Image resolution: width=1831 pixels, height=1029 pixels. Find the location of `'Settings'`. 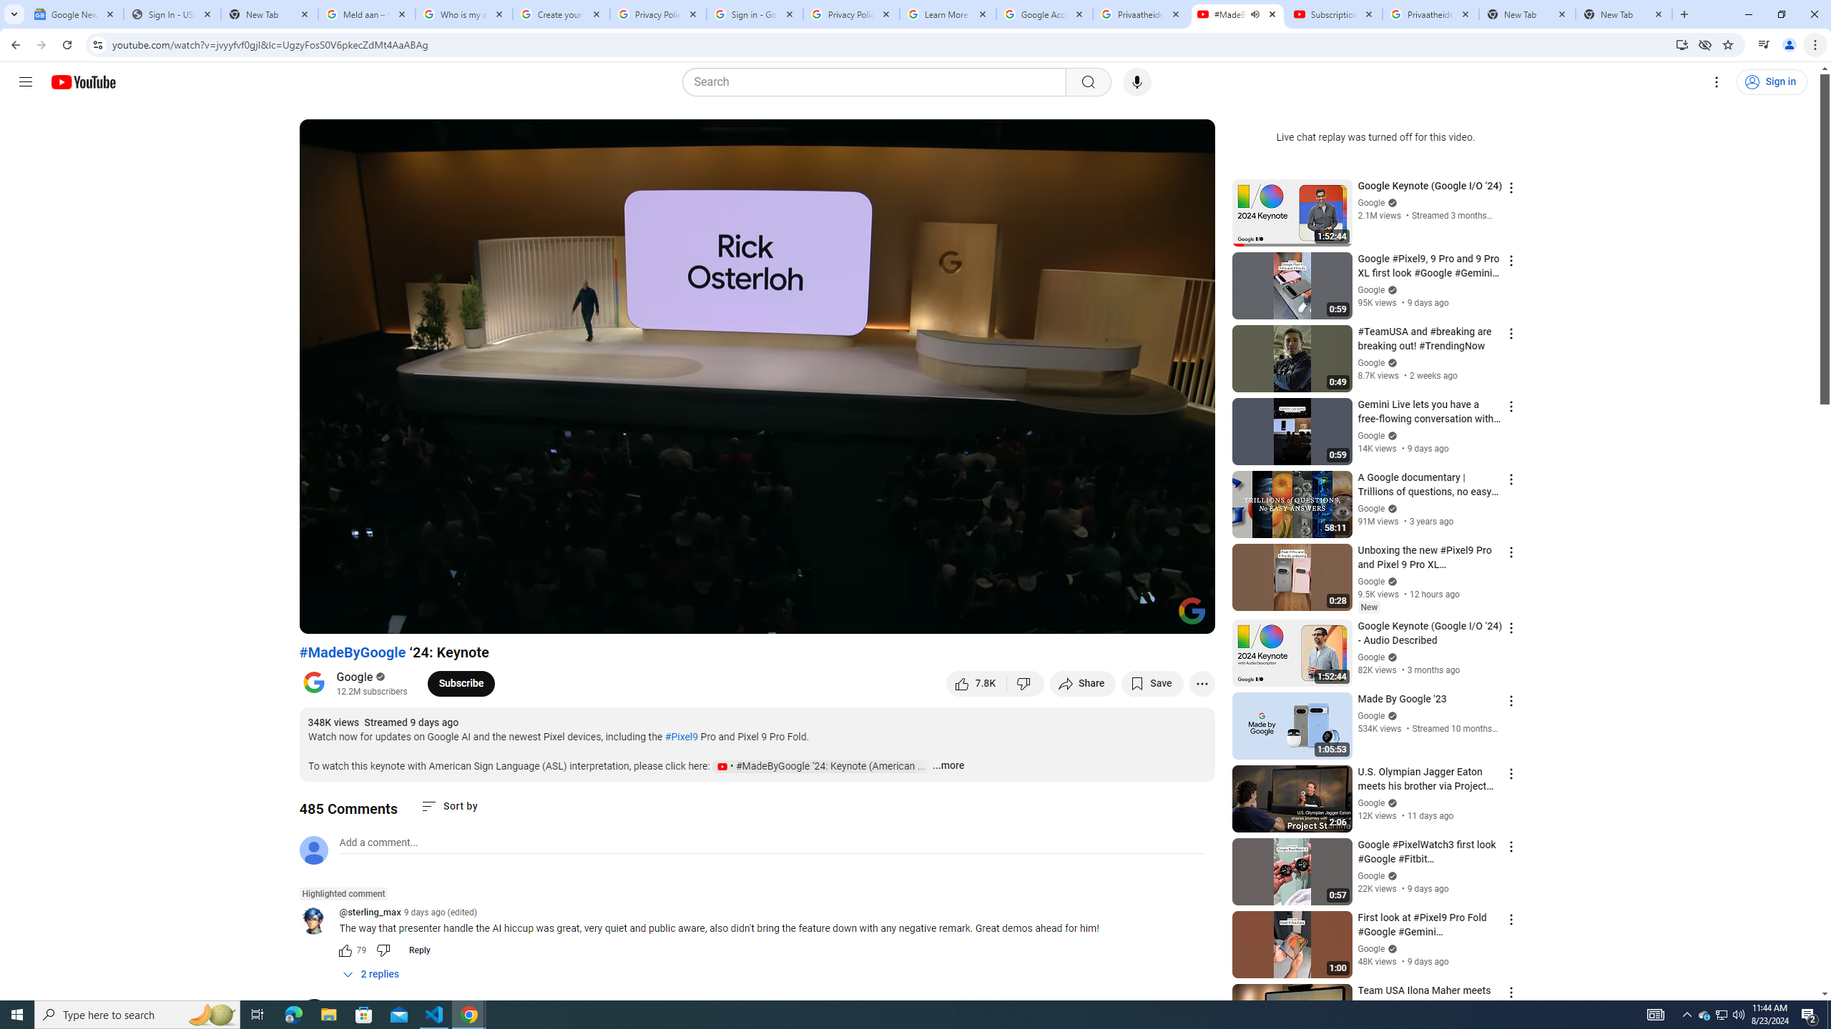

'Settings' is located at coordinates (1717, 81).